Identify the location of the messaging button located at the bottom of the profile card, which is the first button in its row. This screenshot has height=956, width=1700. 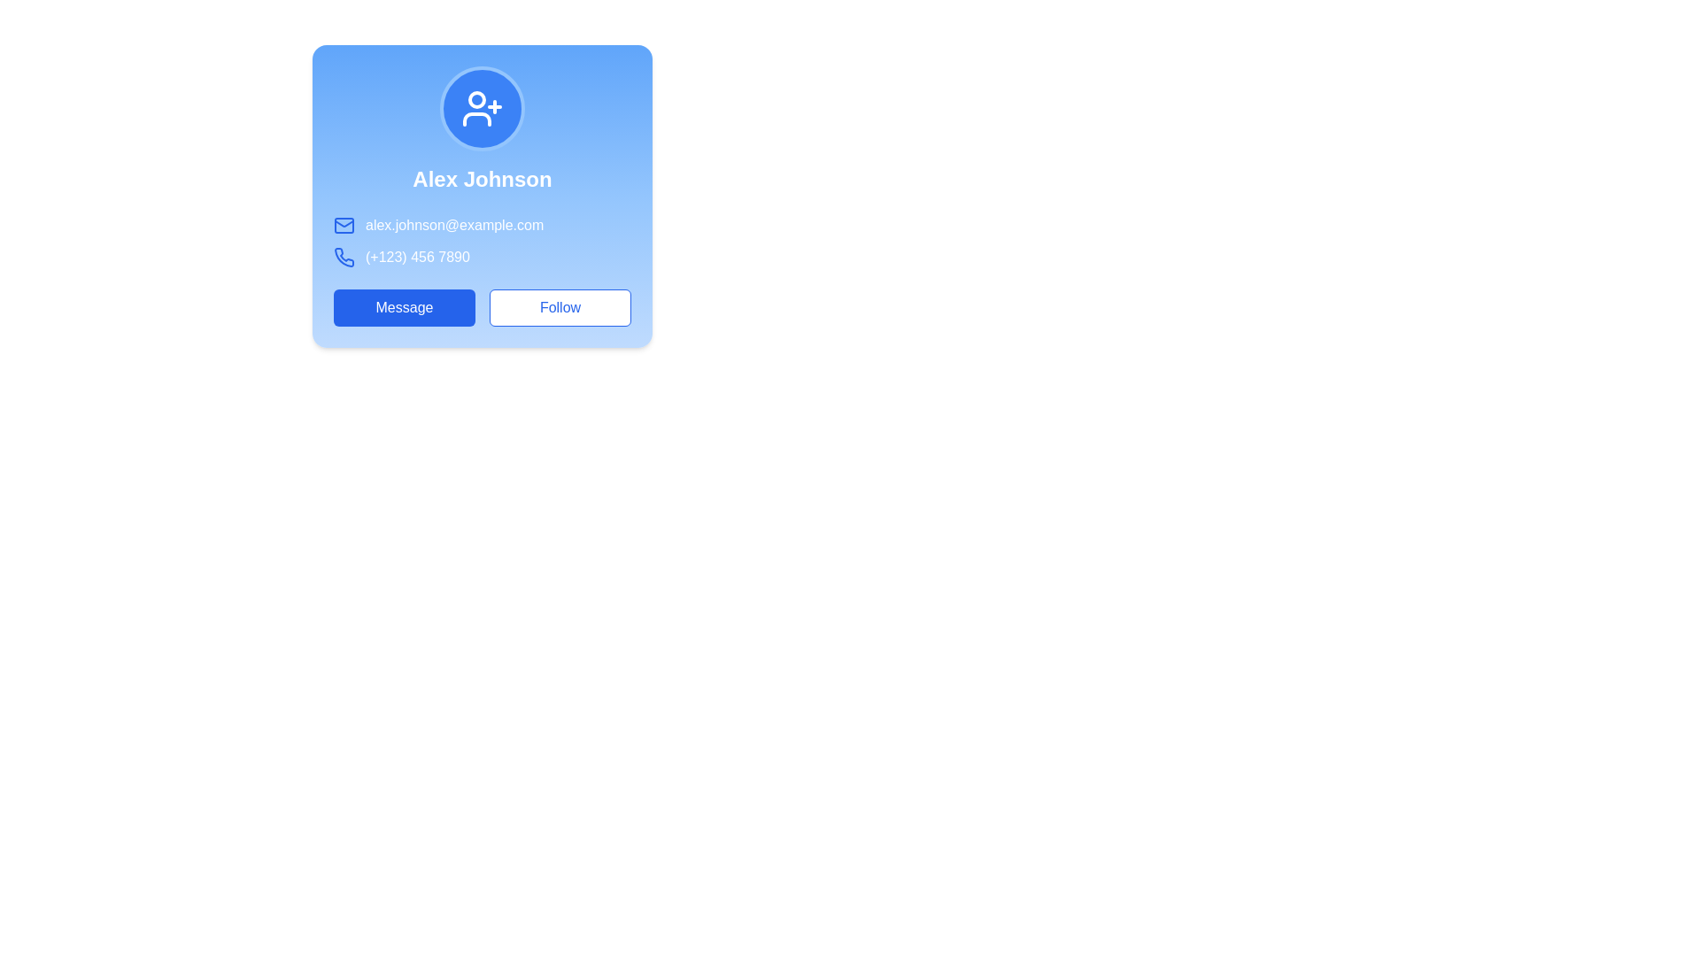
(403, 306).